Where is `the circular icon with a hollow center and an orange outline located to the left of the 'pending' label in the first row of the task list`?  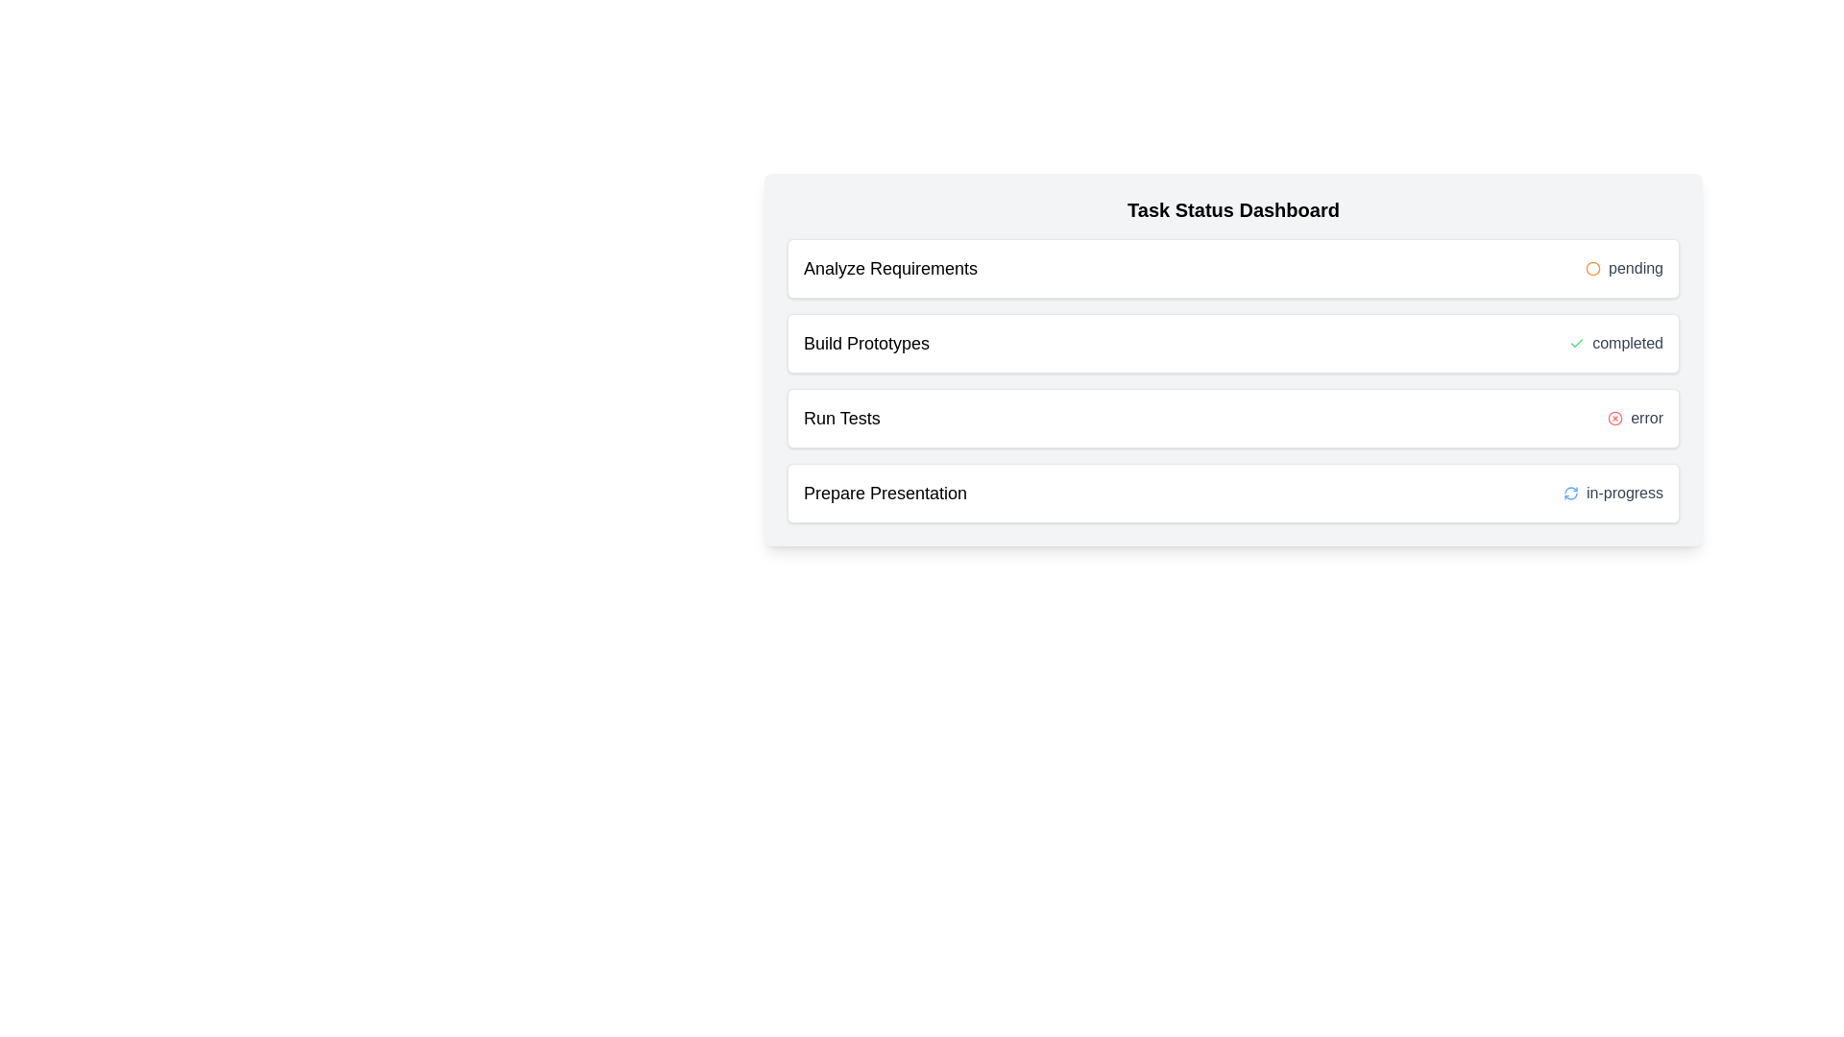
the circular icon with a hollow center and an orange outline located to the left of the 'pending' label in the first row of the task list is located at coordinates (1593, 269).